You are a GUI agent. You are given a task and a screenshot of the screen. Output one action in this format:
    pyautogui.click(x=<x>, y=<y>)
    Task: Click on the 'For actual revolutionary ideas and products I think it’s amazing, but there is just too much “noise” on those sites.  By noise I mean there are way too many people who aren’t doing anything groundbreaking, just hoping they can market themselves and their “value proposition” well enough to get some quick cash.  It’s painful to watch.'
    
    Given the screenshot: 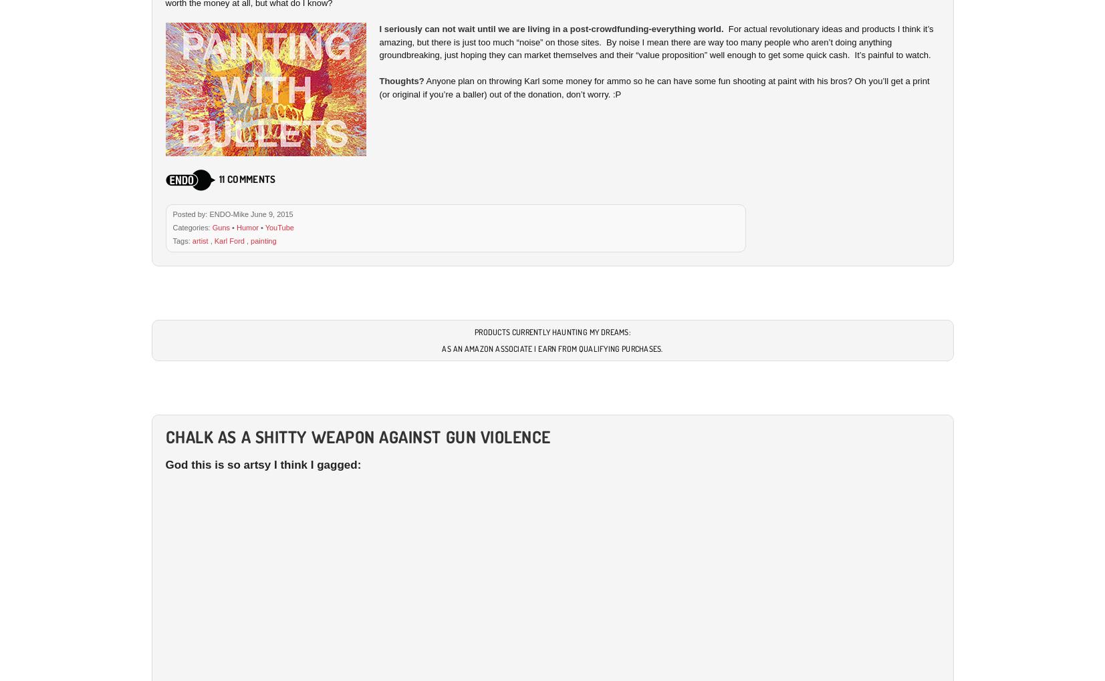 What is the action you would take?
    pyautogui.click(x=656, y=42)
    